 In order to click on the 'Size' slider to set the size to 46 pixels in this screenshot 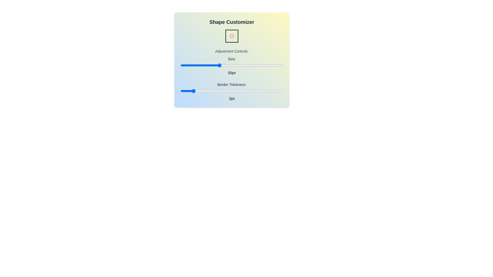, I will do `click(214, 65)`.